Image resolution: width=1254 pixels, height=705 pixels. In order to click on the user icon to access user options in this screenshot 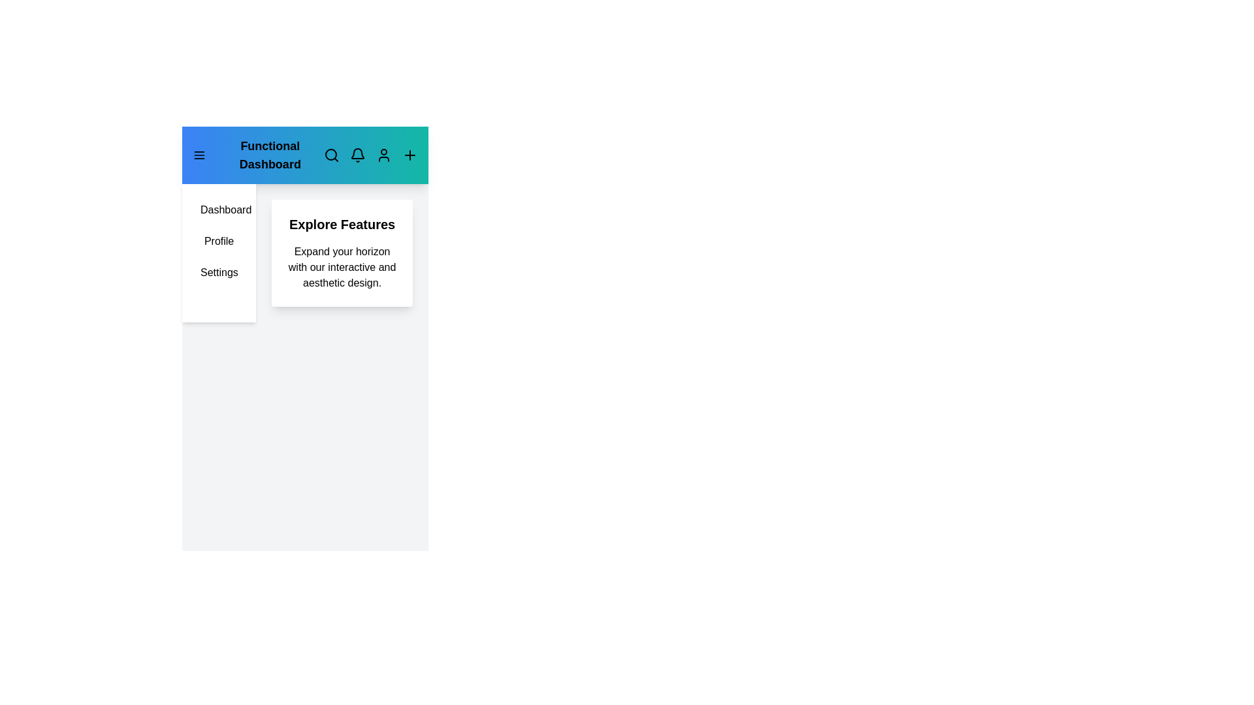, I will do `click(383, 155)`.